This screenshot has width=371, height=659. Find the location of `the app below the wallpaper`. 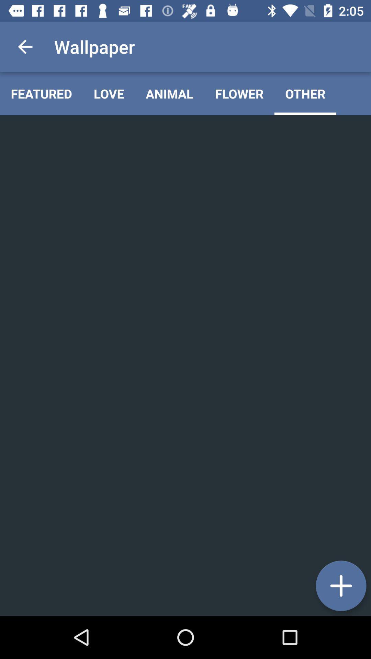

the app below the wallpaper is located at coordinates (109, 93).